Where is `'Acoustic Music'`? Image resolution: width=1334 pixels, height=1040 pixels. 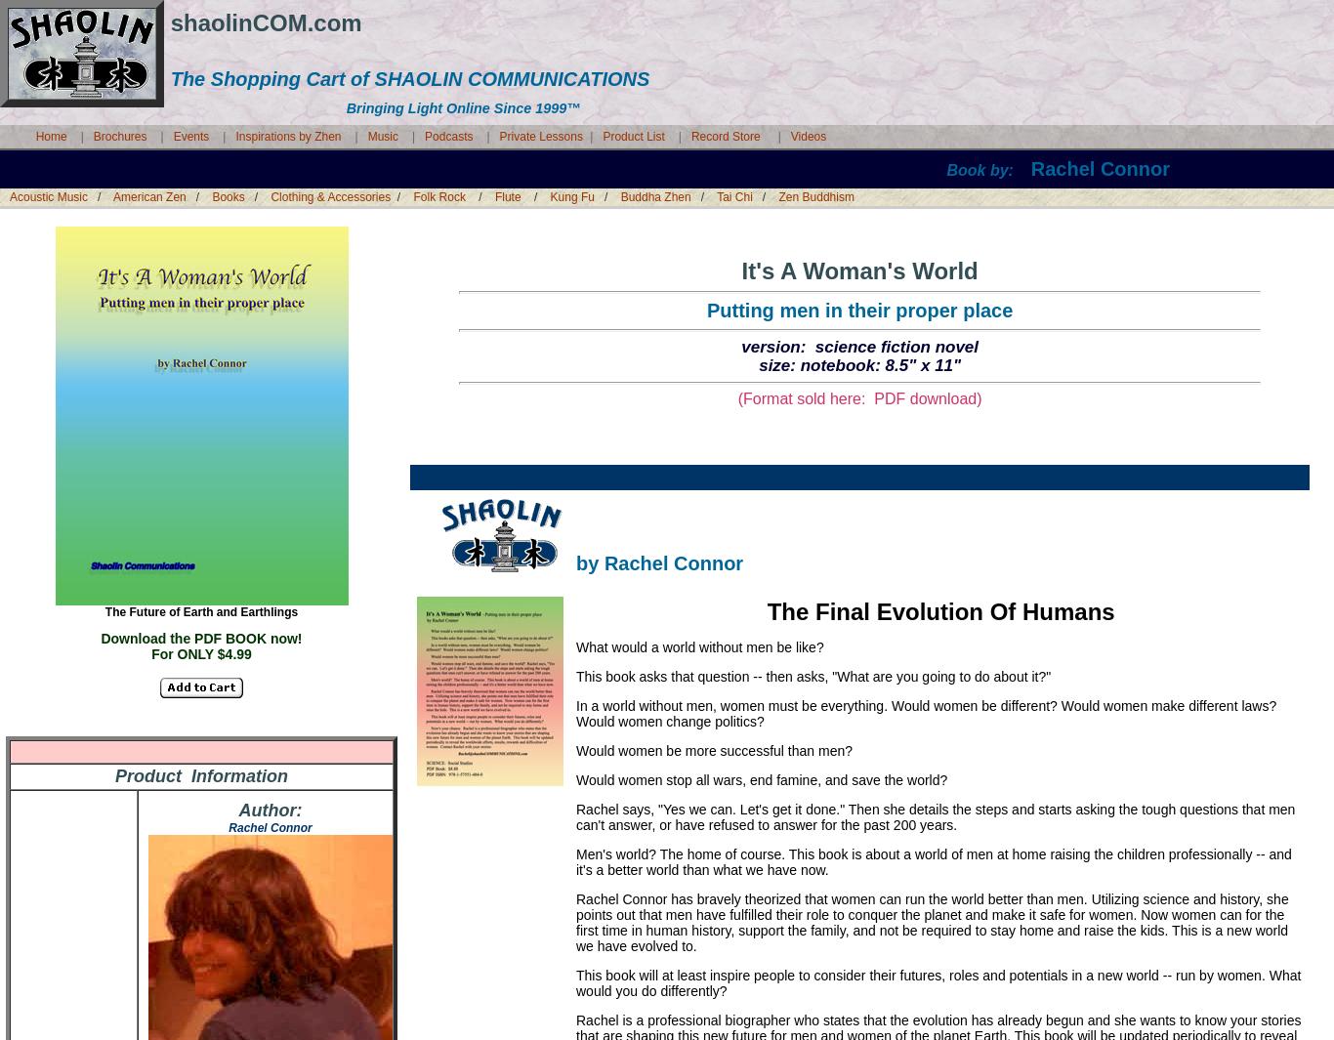 'Acoustic Music' is located at coordinates (48, 196).